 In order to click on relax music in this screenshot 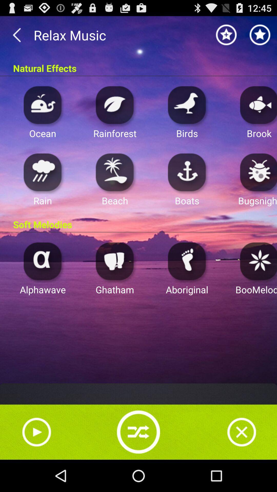, I will do `click(138, 35)`.